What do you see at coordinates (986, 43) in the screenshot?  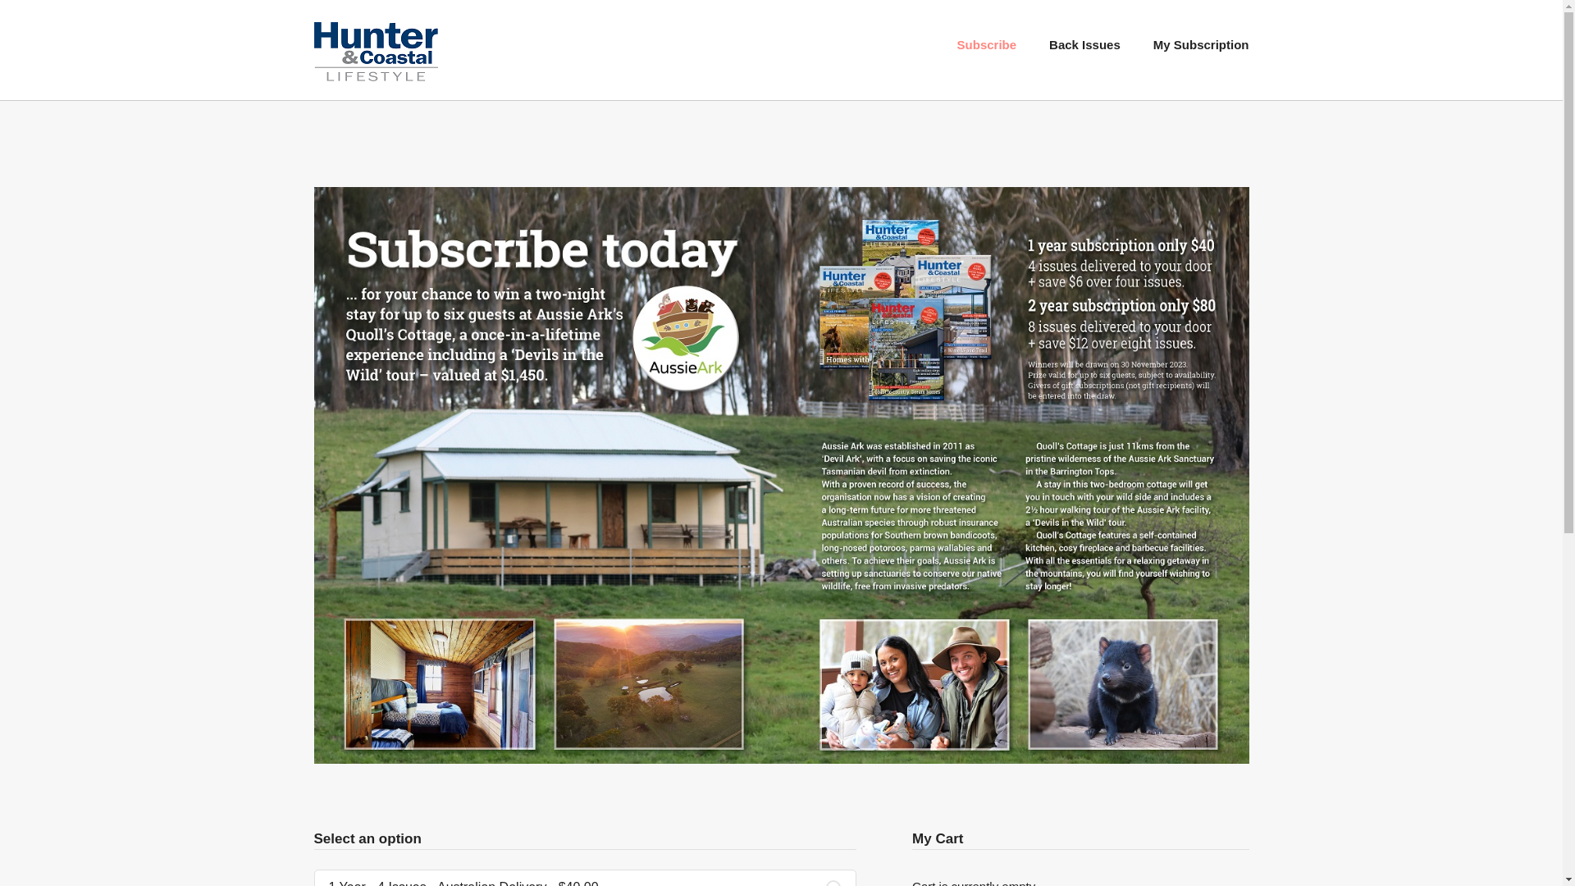 I see `'Subscribe'` at bounding box center [986, 43].